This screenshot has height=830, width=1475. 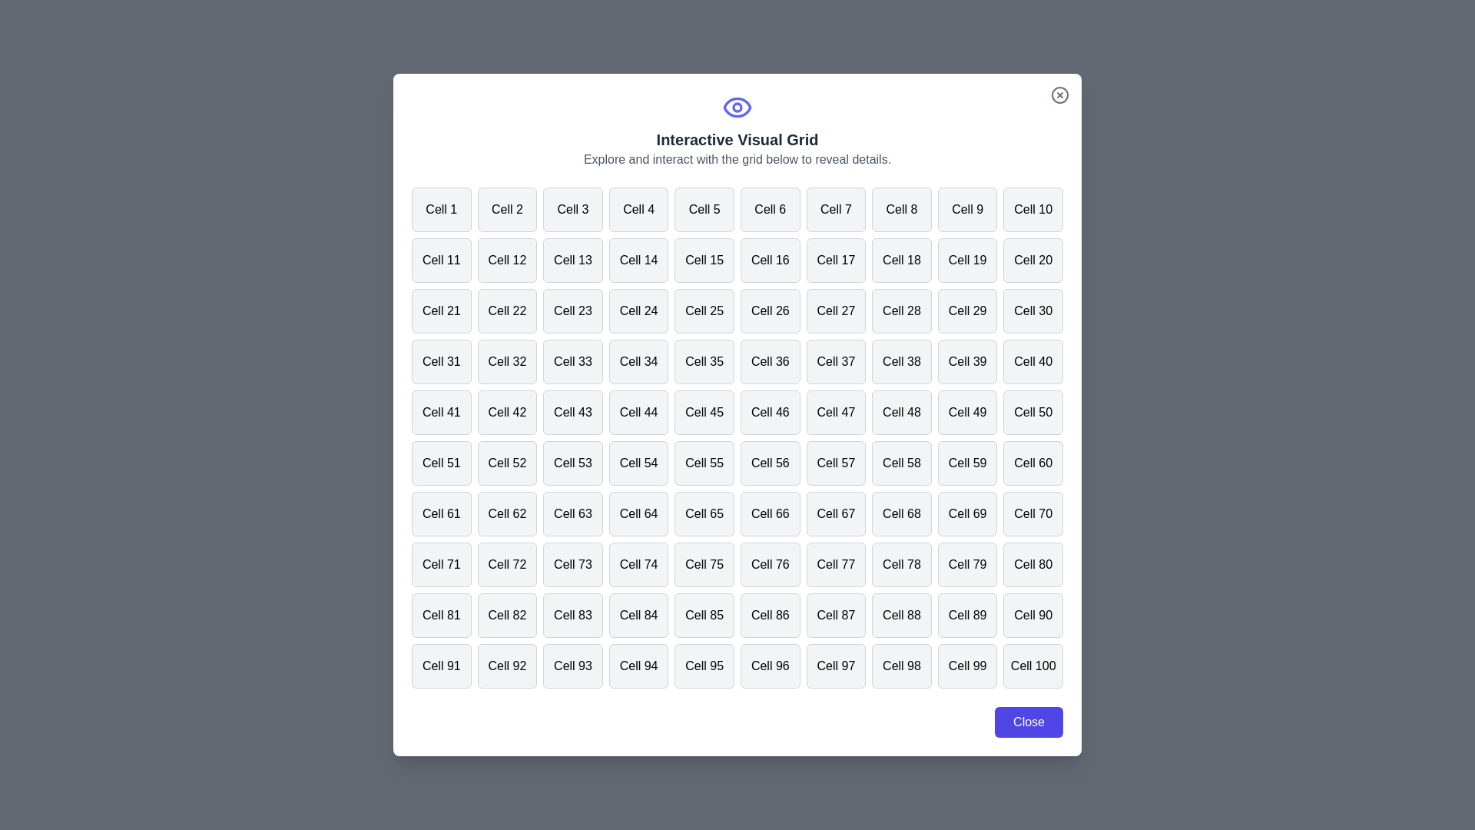 What do you see at coordinates (1059, 95) in the screenshot?
I see `close button at the top-right corner of the dialog` at bounding box center [1059, 95].